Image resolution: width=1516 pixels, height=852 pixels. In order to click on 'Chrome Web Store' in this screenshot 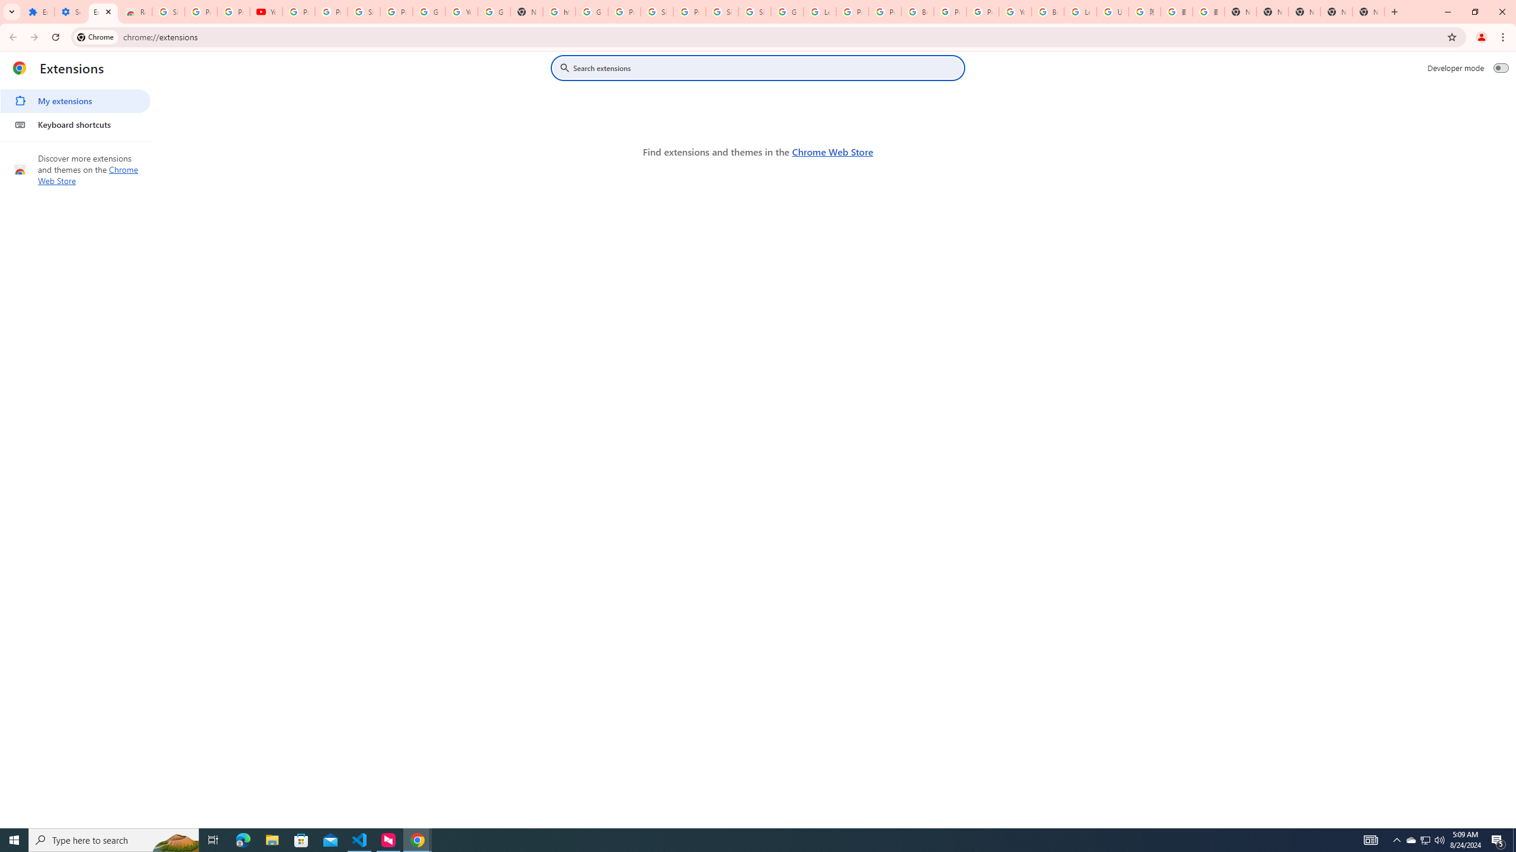, I will do `click(832, 151)`.